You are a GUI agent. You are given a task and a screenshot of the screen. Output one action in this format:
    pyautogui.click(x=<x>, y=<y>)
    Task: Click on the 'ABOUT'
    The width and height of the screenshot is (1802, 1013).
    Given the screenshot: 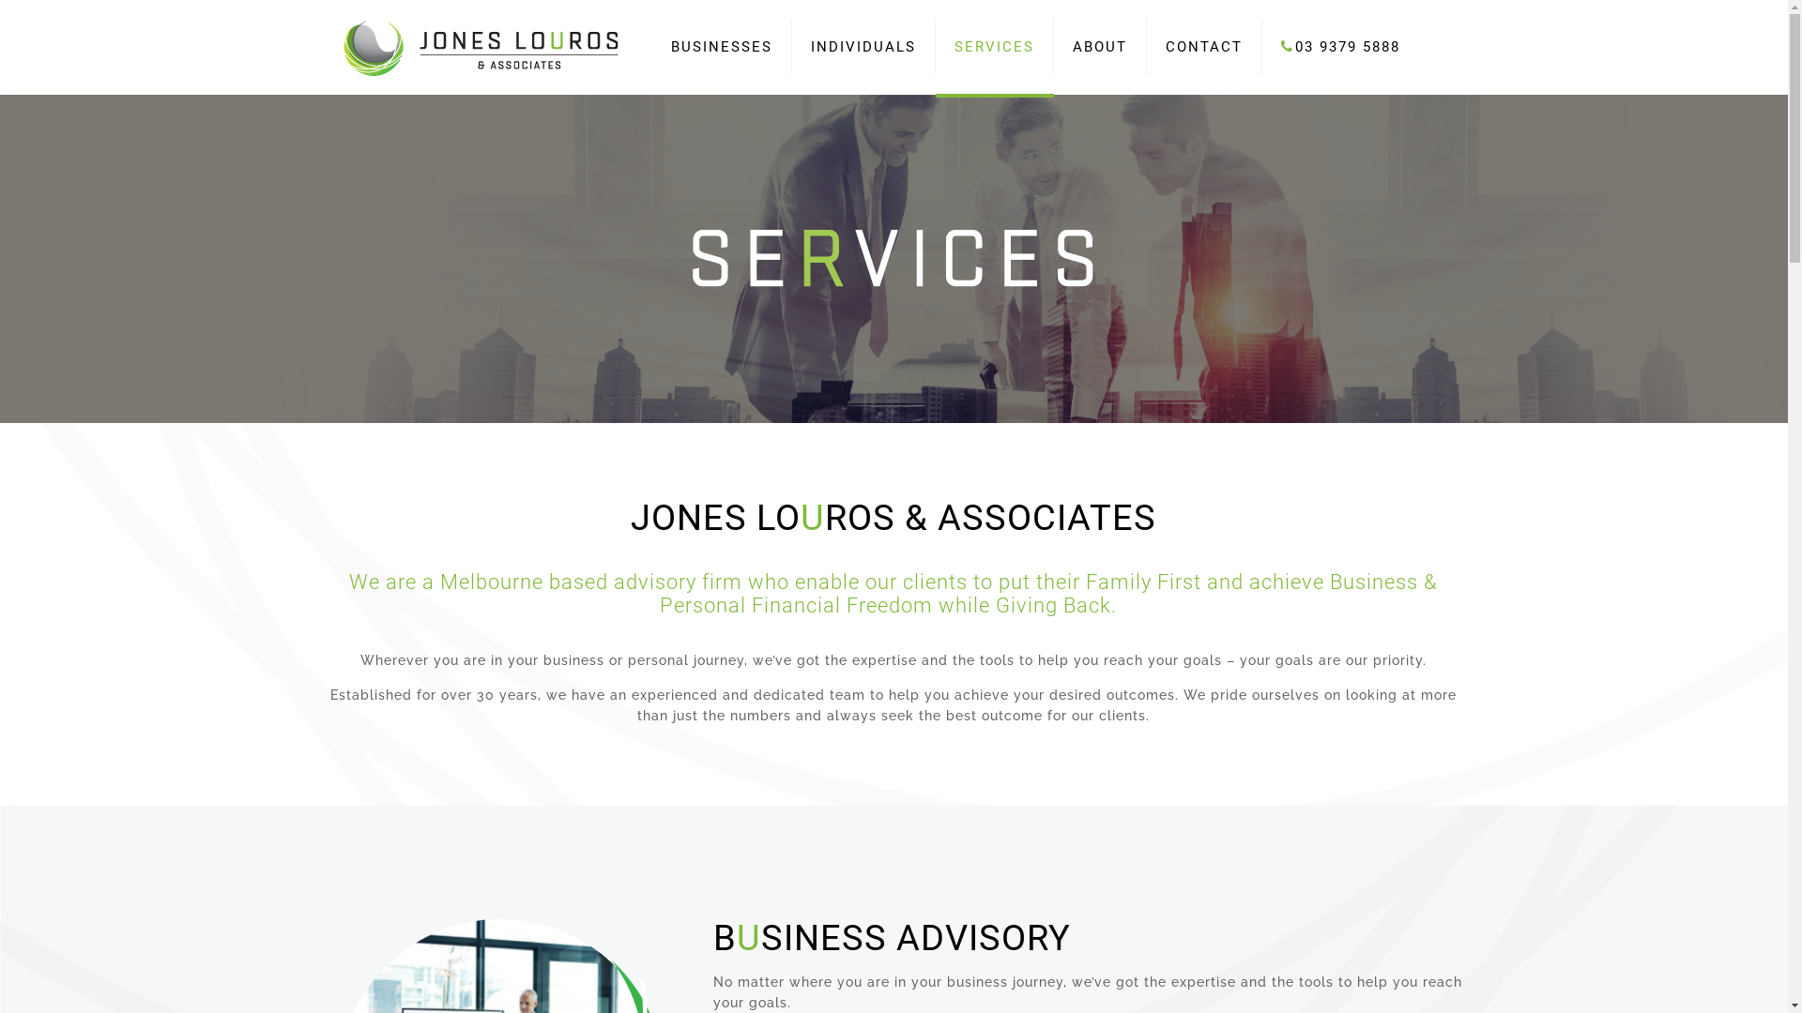 What is the action you would take?
    pyautogui.click(x=1099, y=46)
    